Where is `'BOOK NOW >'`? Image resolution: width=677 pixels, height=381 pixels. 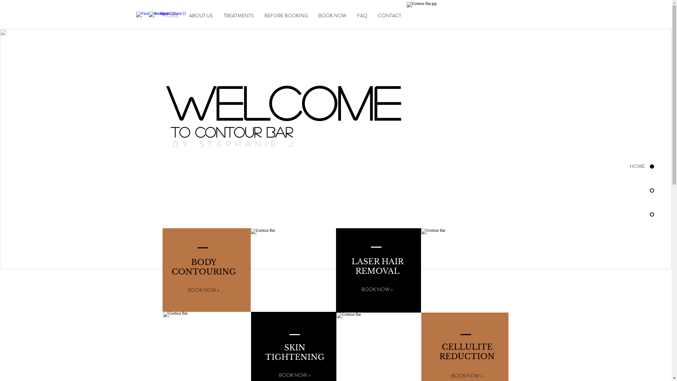 'BOOK NOW >' is located at coordinates (203, 290).